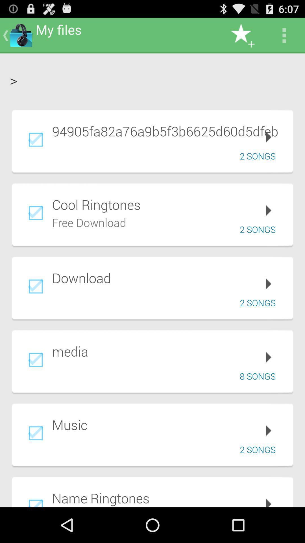 The width and height of the screenshot is (305, 543). I want to click on the media, so click(168, 351).